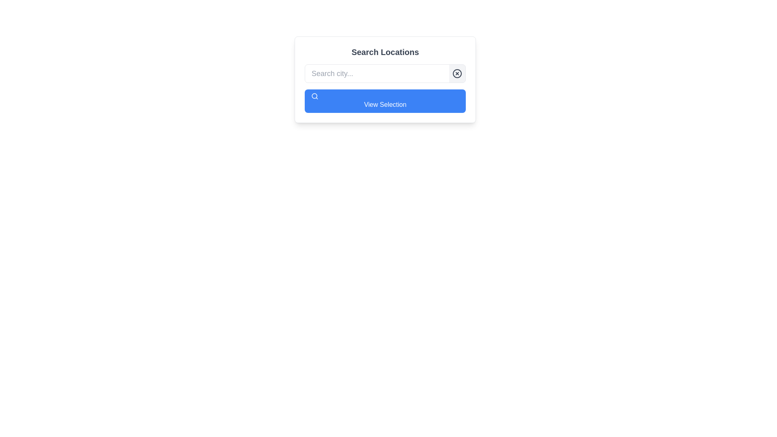  What do you see at coordinates (384, 52) in the screenshot?
I see `the 'Search Locations' label, which is a prominent gray text label displayed in a bold and large font at the top of the layout` at bounding box center [384, 52].